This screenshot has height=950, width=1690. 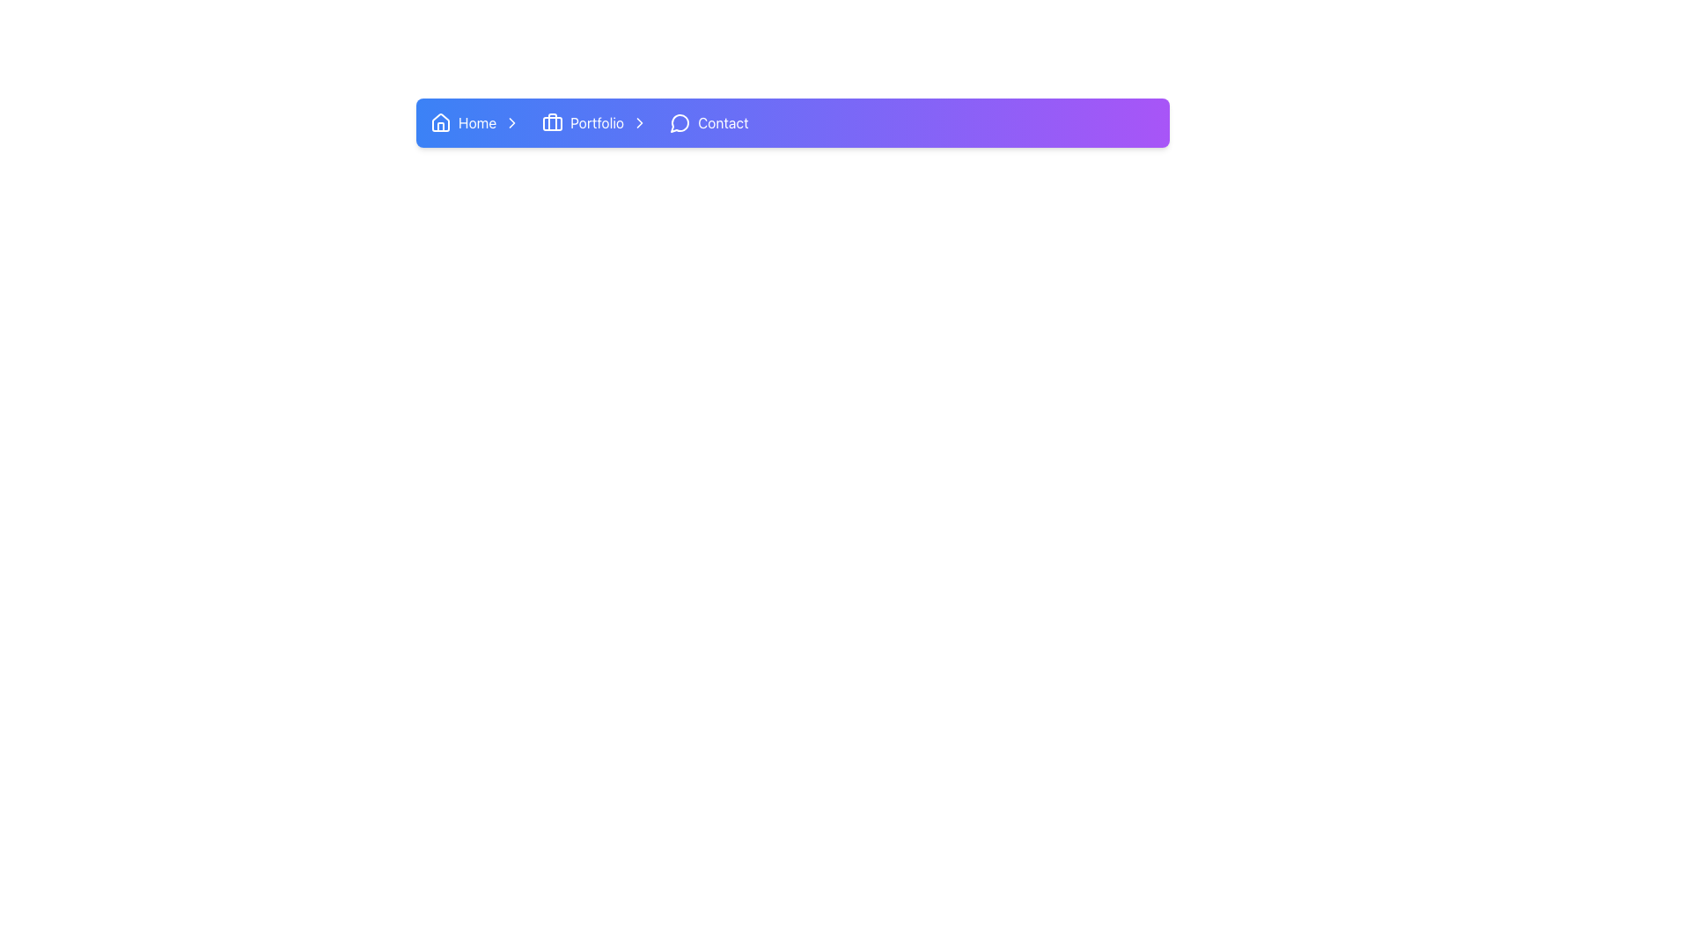 What do you see at coordinates (511, 121) in the screenshot?
I see `the navigation icon that separates breadcrumb items, positioned between 'Home' and the next section of the navigation bar` at bounding box center [511, 121].